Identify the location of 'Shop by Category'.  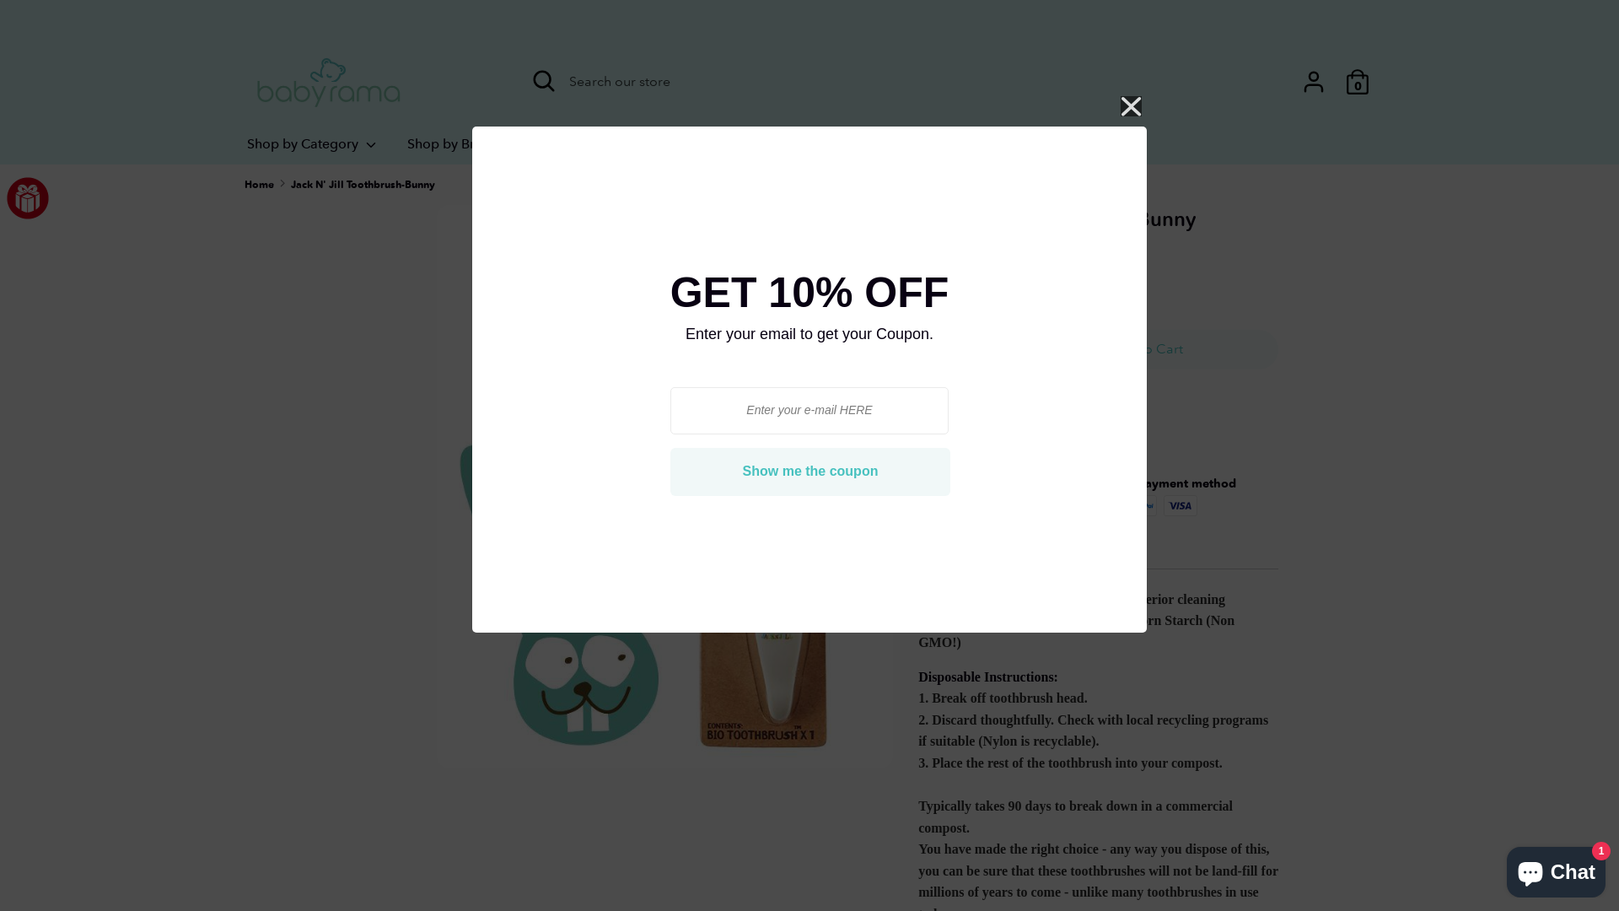
(312, 148).